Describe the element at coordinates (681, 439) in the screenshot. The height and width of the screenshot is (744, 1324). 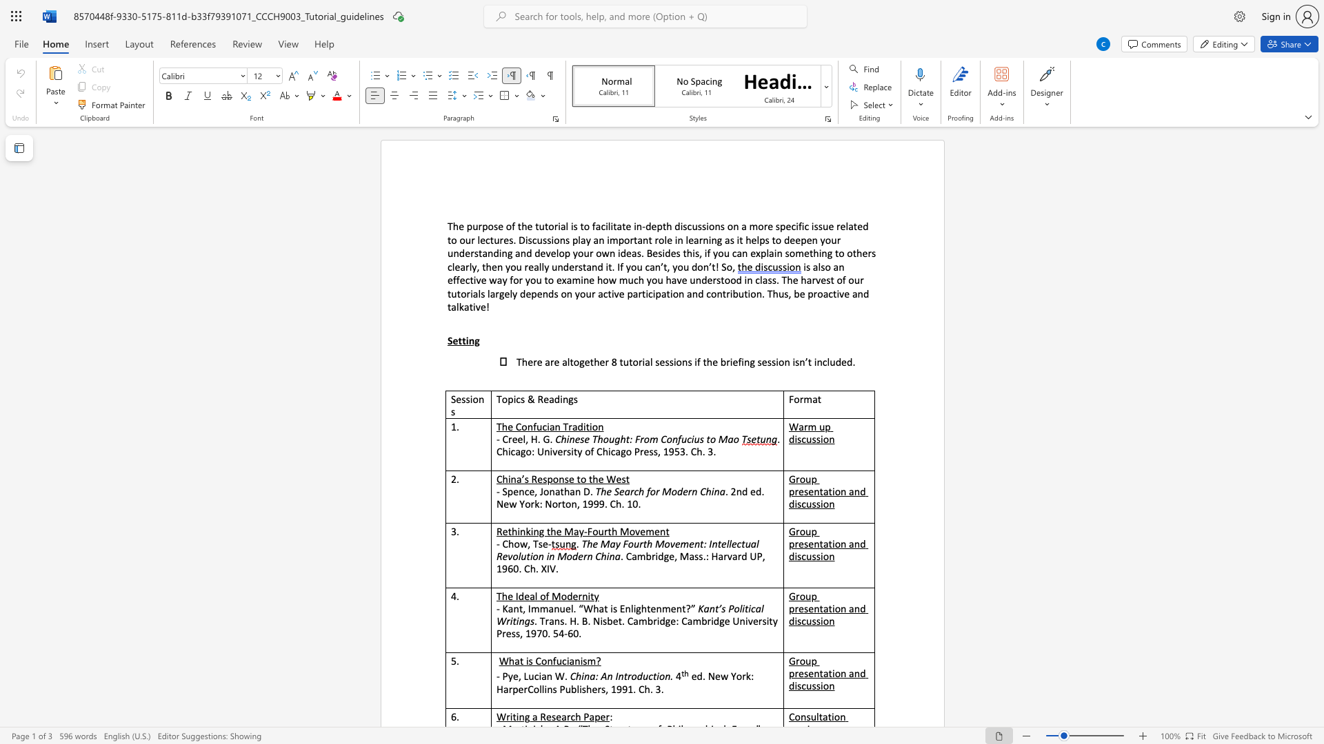
I see `the subset text "ucius to Ma" within the text "Chinese Thought: From Confucius to Mao"` at that location.